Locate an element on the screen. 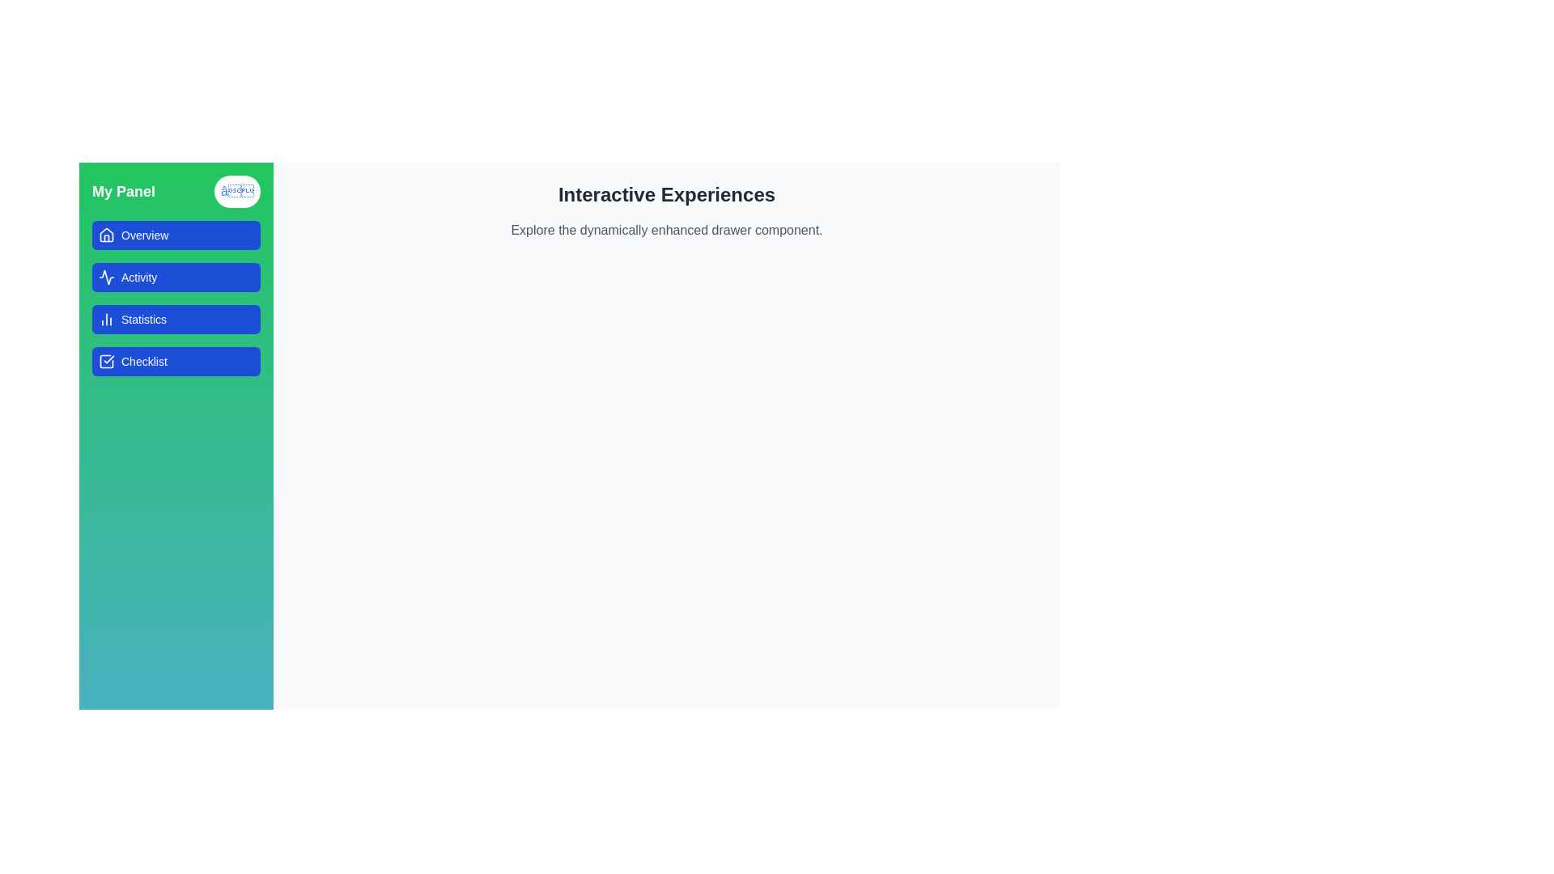  the square-shaped checkmark icon in the left-side navigation bar, located within the 'Checklist' button area, positioned to the left of the 'Checklist' label text is located at coordinates (106, 361).